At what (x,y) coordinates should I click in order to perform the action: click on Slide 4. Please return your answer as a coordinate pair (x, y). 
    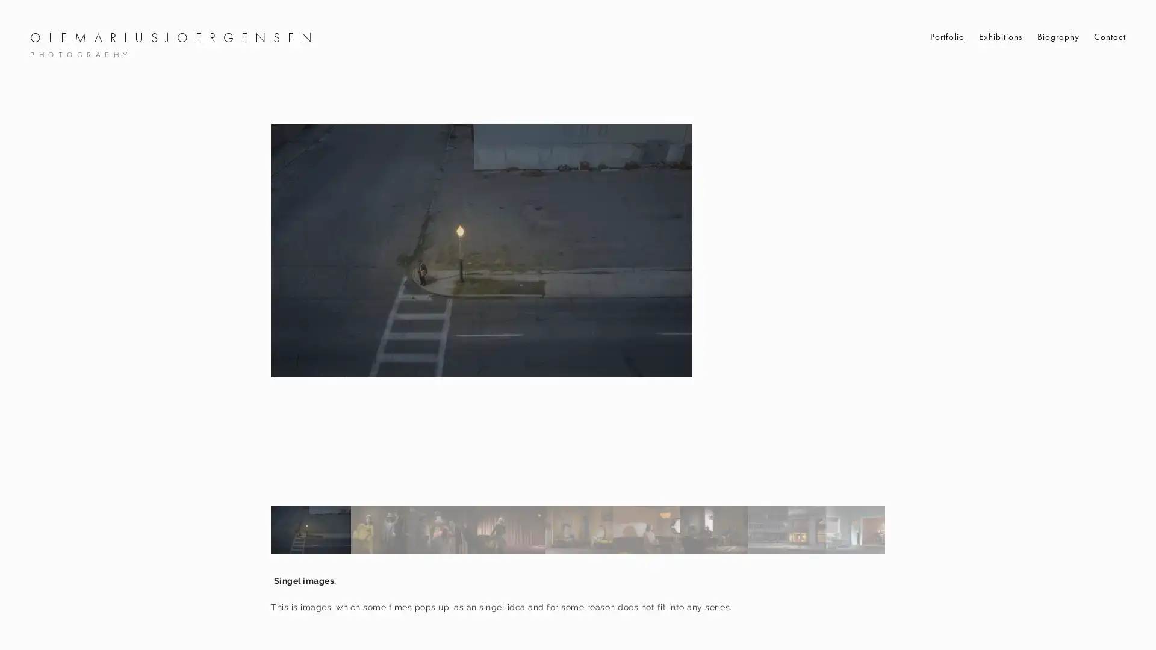
    Looking at the image, I should click on (511, 528).